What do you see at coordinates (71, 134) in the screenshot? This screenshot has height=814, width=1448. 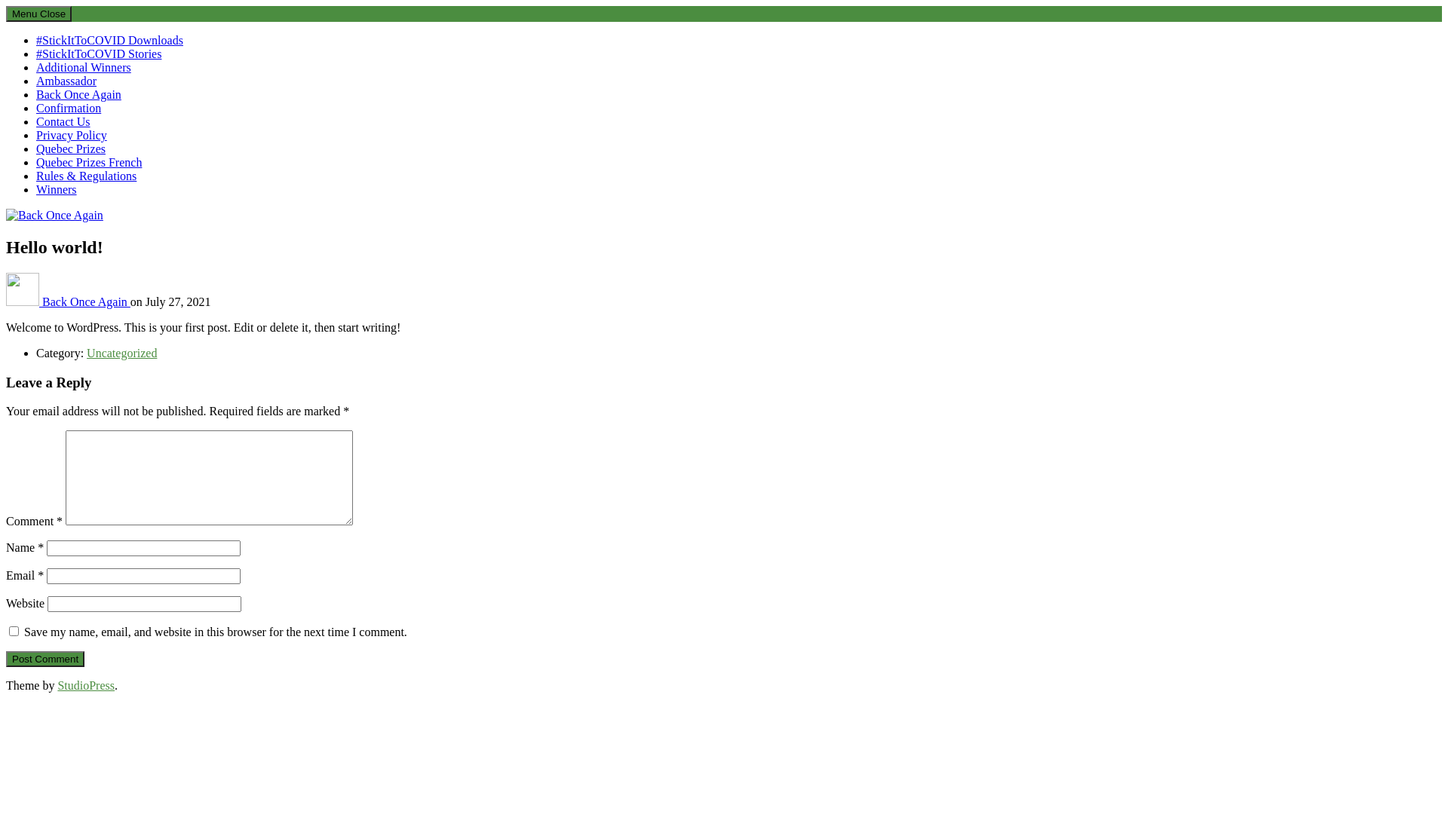 I see `'Privacy Policy'` at bounding box center [71, 134].